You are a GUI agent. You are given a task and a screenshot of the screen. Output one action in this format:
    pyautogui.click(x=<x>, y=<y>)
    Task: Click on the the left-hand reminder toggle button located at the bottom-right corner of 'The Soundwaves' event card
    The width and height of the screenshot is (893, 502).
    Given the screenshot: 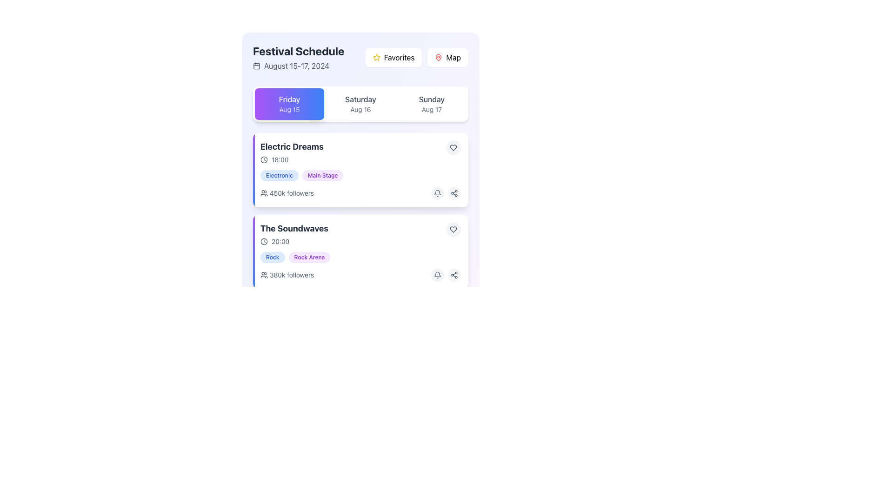 What is the action you would take?
    pyautogui.click(x=437, y=274)
    